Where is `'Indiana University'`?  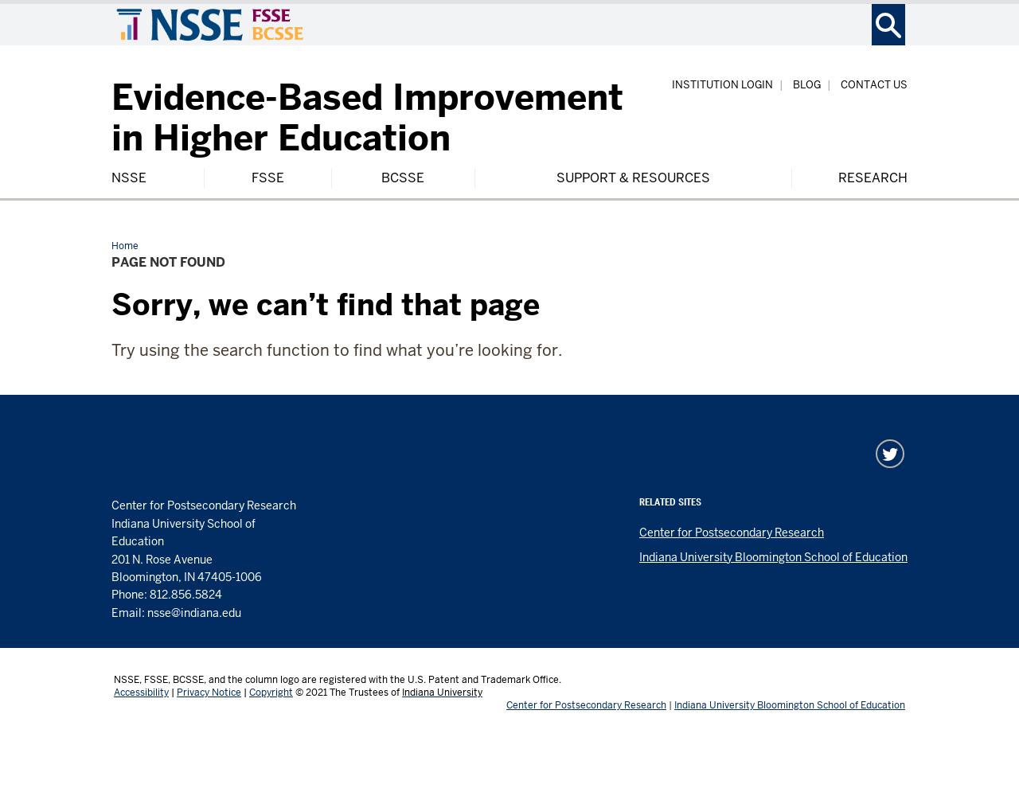
'Indiana University' is located at coordinates (442, 692).